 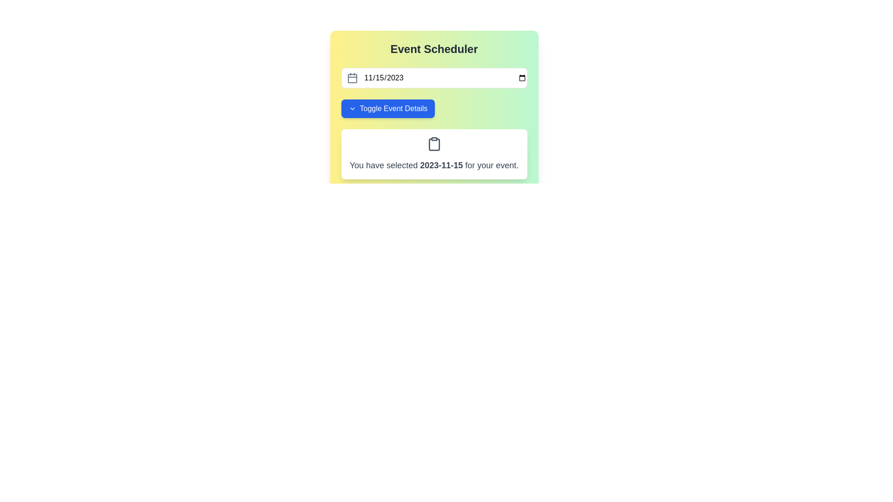 What do you see at coordinates (352, 78) in the screenshot?
I see `the calendar icon located in the top-left corner of the interface, which represents the main body of the calendar functionality` at bounding box center [352, 78].